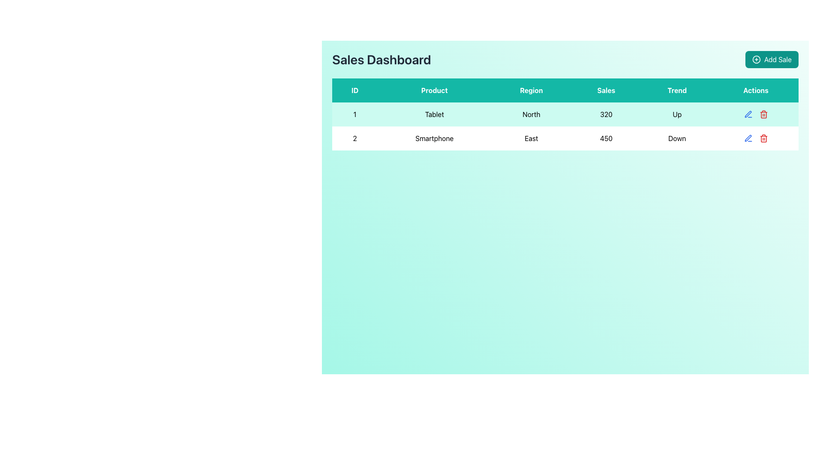 Image resolution: width=823 pixels, height=463 pixels. What do you see at coordinates (606, 138) in the screenshot?
I see `the table cell displaying '450' in the fourth column of the second row under the 'Sales' header` at bounding box center [606, 138].